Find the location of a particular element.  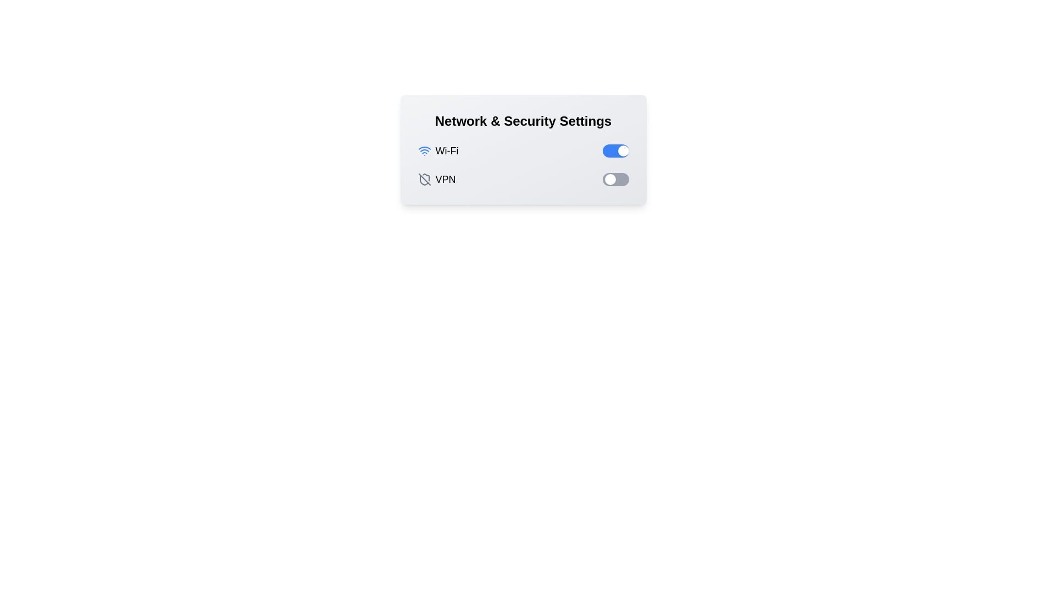

the left-most circular component of the second toggle switch under the 'VPN' label is located at coordinates (609, 179).